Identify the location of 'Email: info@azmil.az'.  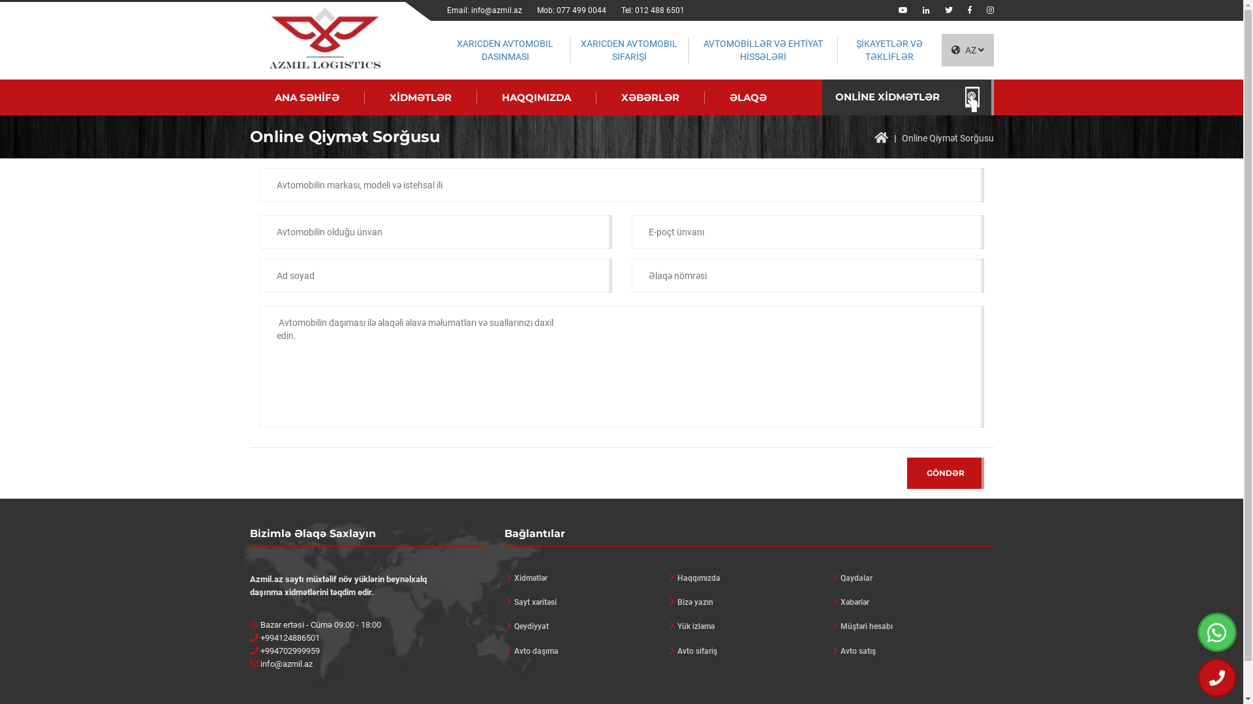
(484, 10).